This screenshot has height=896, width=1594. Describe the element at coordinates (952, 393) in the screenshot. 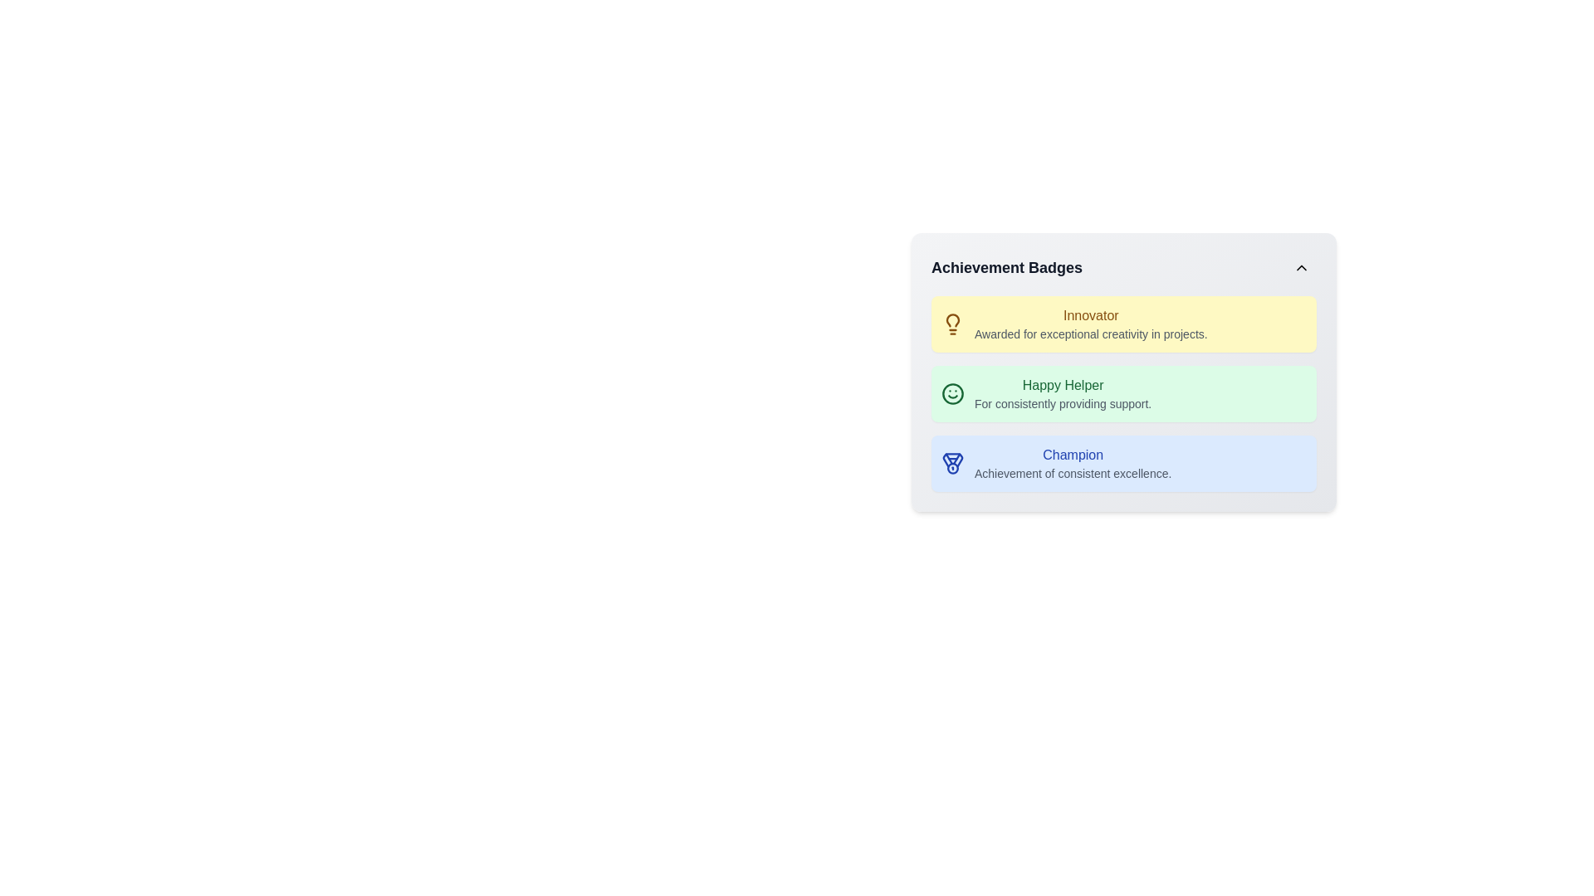

I see `the SVG circle component that represents a feature of the smiley face icon in the 'Happy Helper' segment of the 'Achievement Badges' panel` at that location.